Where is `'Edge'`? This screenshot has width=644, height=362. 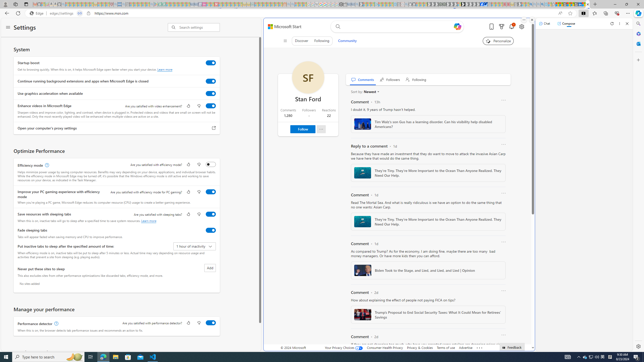 'Edge' is located at coordinates (37, 13).